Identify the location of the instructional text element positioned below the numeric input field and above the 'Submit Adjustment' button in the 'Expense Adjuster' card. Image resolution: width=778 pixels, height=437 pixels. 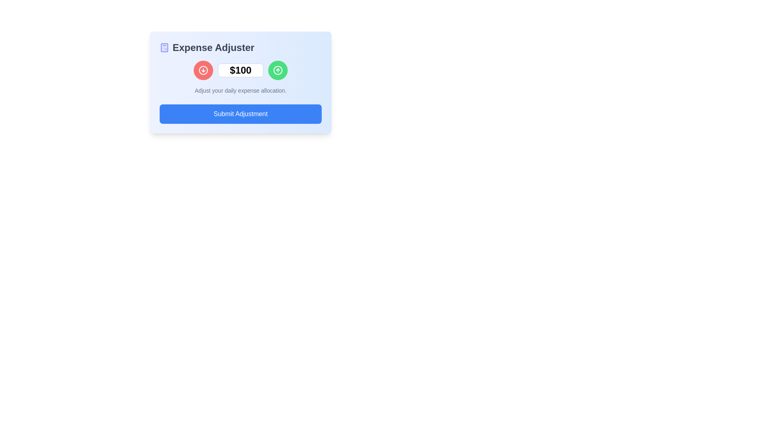
(240, 90).